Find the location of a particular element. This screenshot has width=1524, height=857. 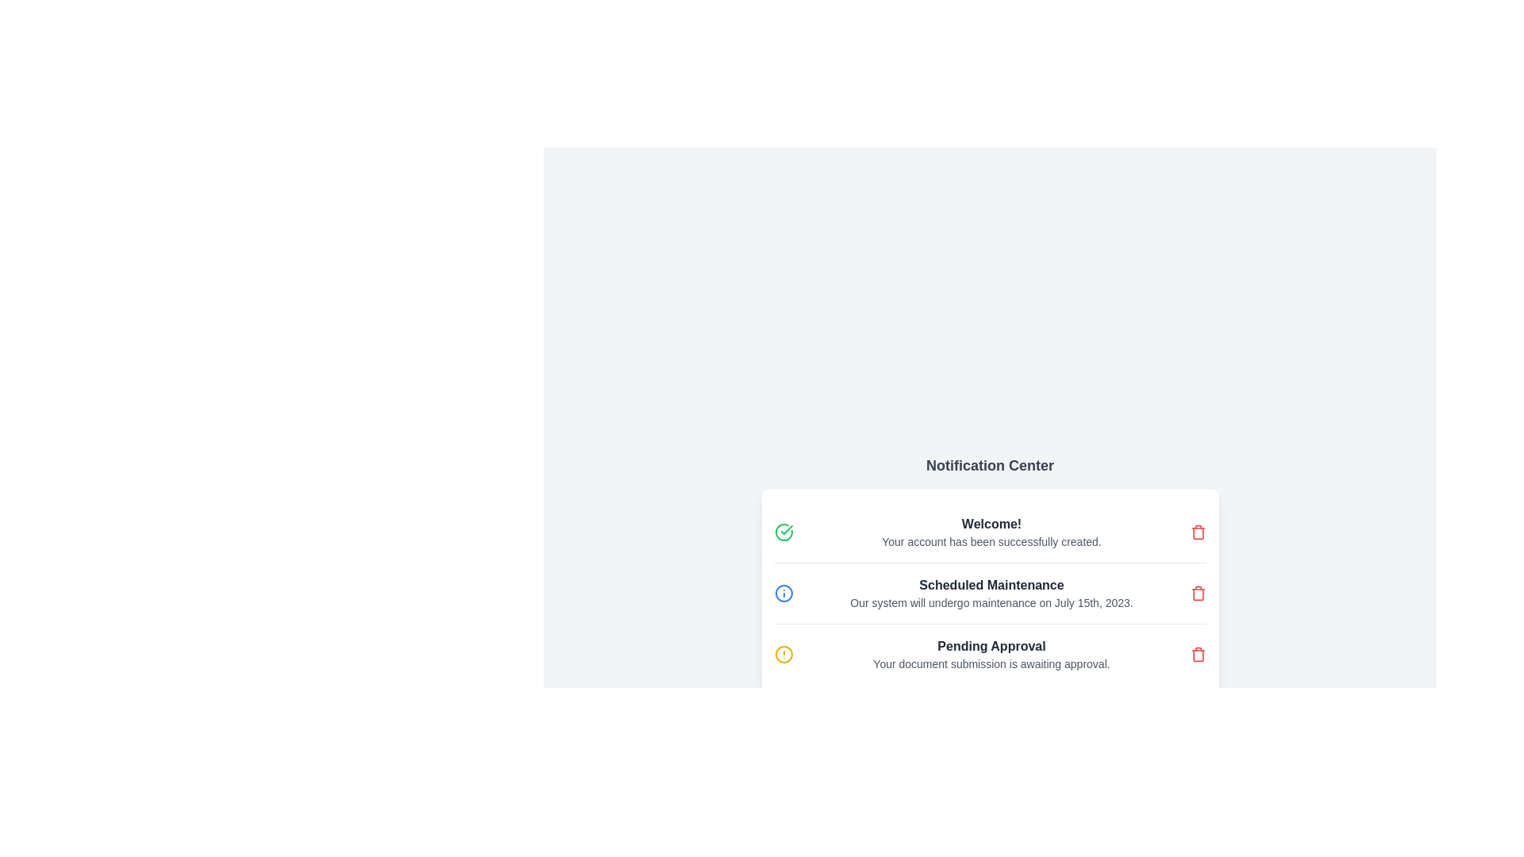

the informational text that displays the message 'Your account has been successfully created.' which is styled in gray and positioned below the 'Welcome!' heading in the notification card is located at coordinates (991, 540).